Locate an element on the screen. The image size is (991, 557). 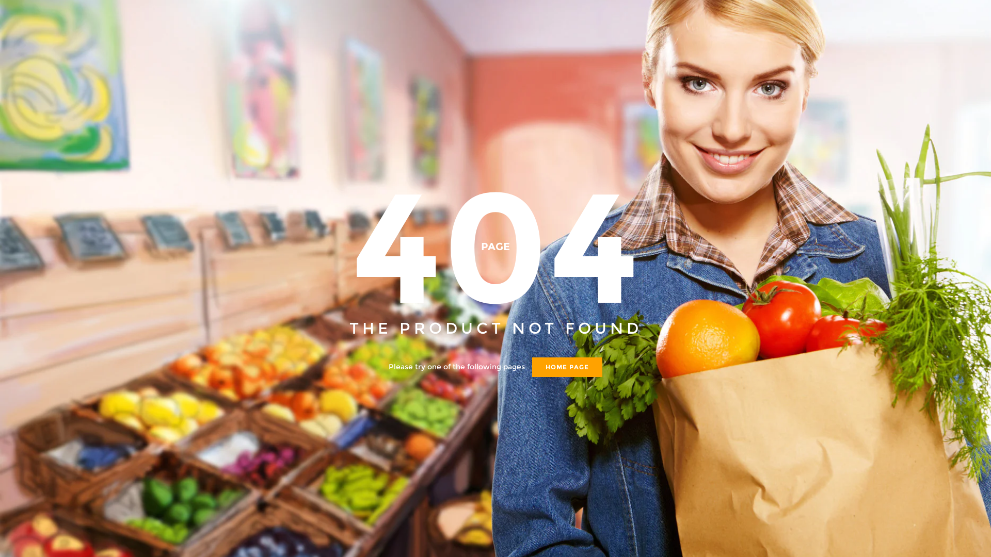
'HOME PAGE' is located at coordinates (567, 366).